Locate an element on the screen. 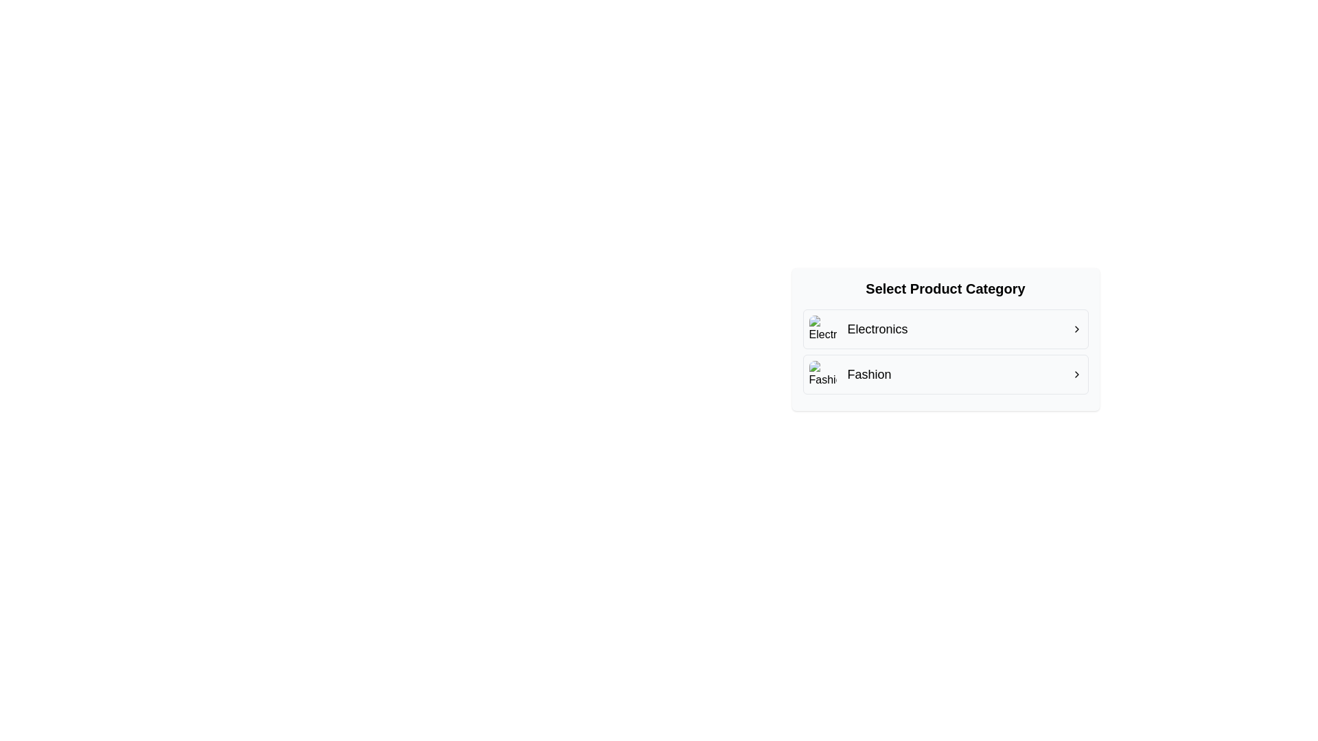 The width and height of the screenshot is (1318, 741). the image placeholder representing the 'Fashion' category, located to the left of the 'Fashion' label in the second row of the category list under 'Select Product Category' is located at coordinates (822, 375).